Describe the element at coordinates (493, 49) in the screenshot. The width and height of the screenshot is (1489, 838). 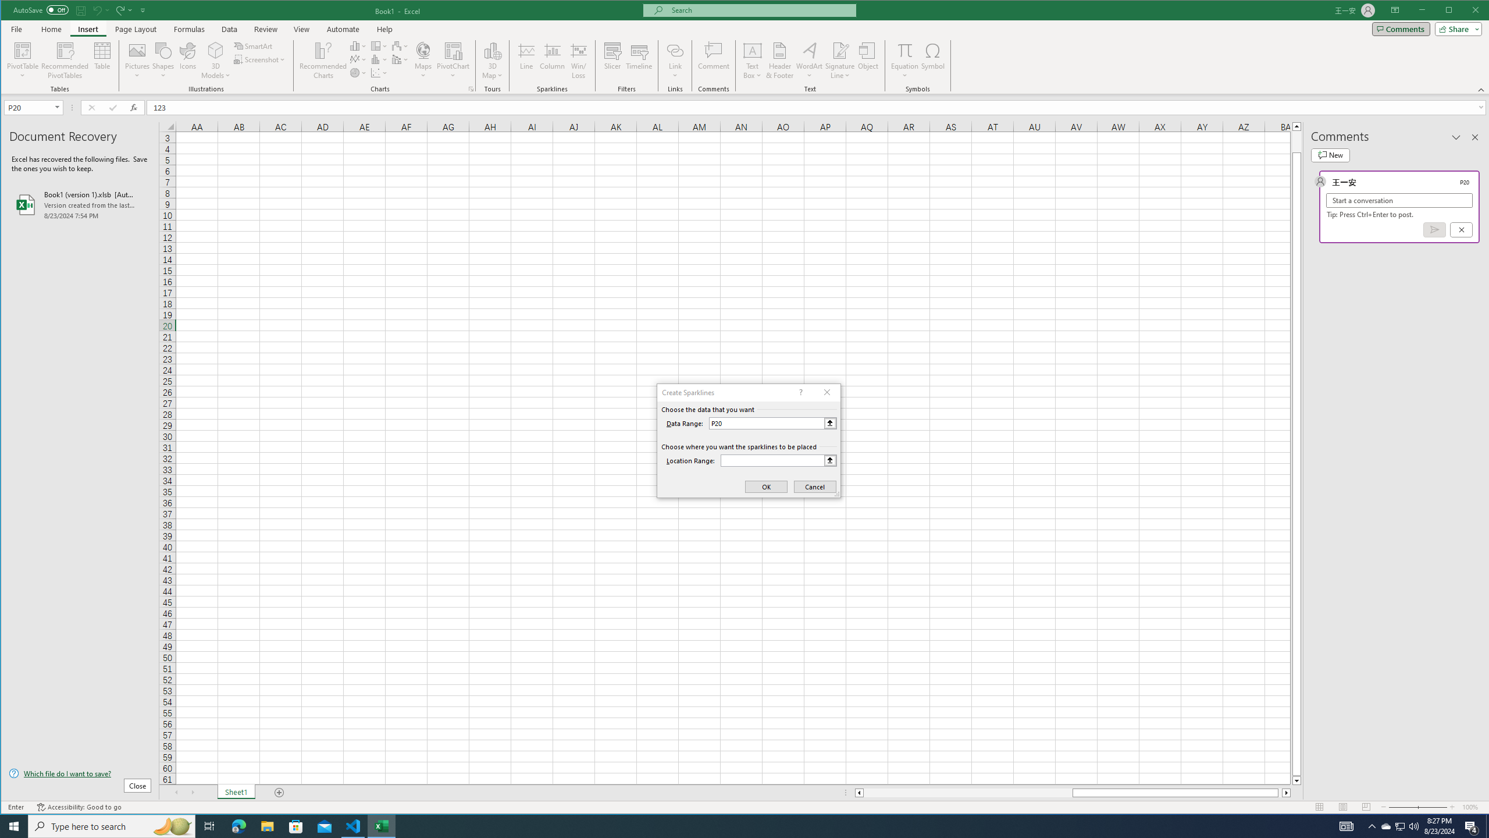
I see `'3D Map'` at that location.